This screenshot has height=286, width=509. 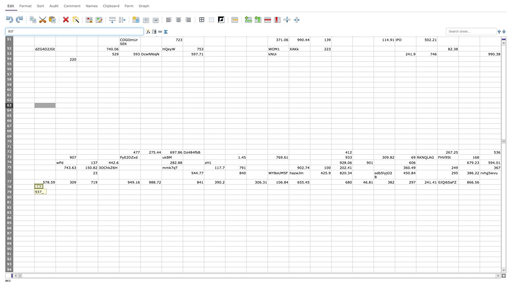 What do you see at coordinates (56, 189) in the screenshot?
I see `Upper left corner of cell C79` at bounding box center [56, 189].